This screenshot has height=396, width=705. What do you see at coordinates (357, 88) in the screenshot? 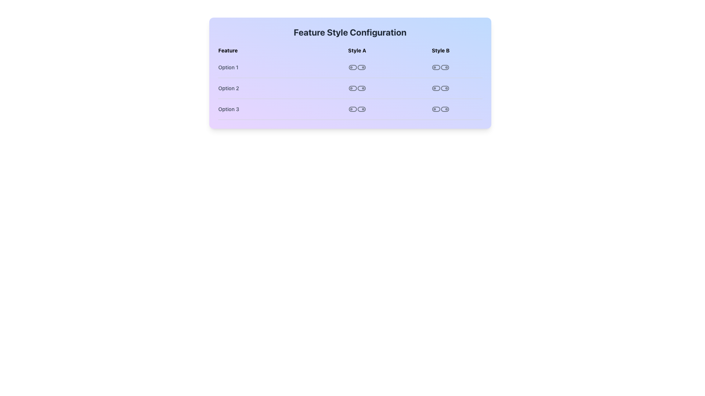
I see `the toggle switch in the 'Option 2' row of the configuration table` at bounding box center [357, 88].